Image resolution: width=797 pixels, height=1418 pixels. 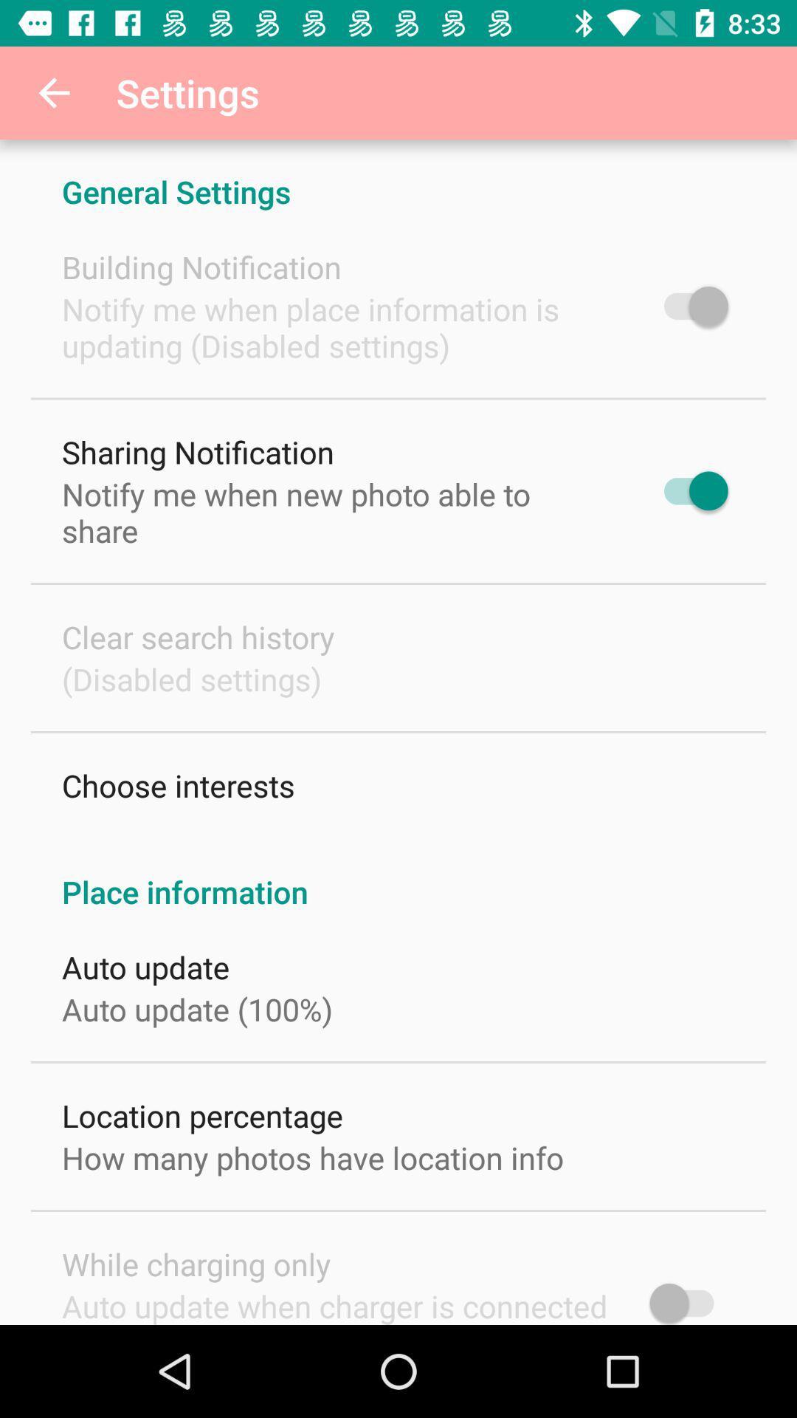 What do you see at coordinates (197, 451) in the screenshot?
I see `the item below the notify me when` at bounding box center [197, 451].